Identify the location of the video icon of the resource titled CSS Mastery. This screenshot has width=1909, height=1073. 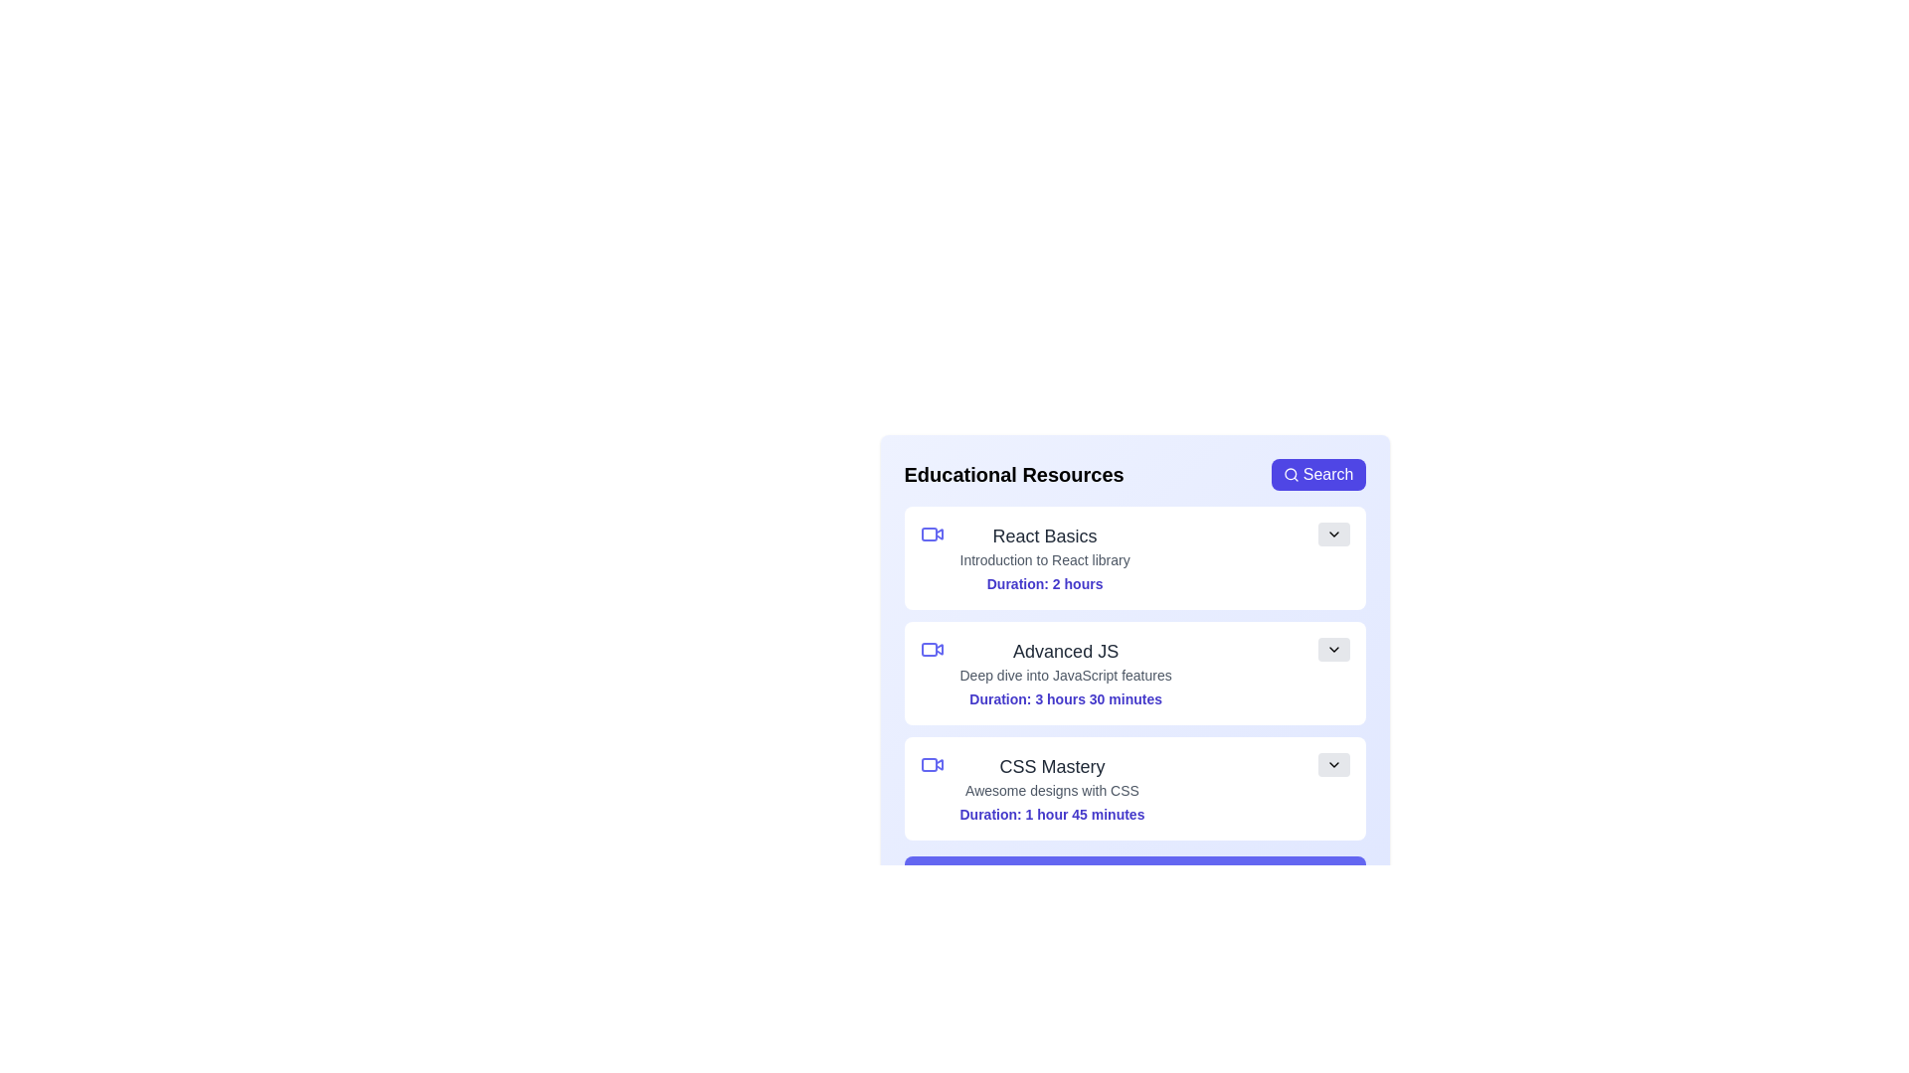
(931, 764).